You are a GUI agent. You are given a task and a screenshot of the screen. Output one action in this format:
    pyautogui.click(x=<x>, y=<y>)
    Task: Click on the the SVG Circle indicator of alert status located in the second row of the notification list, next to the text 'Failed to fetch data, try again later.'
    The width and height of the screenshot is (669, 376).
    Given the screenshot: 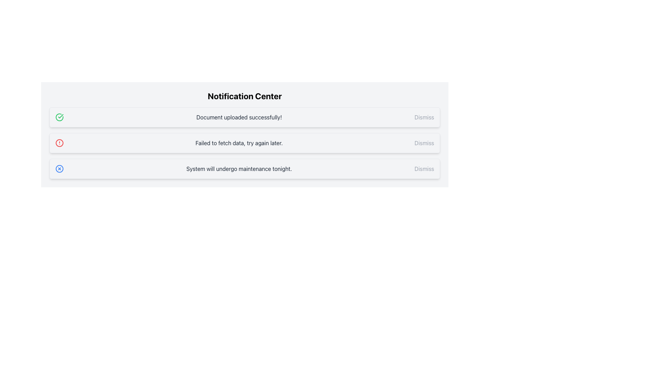 What is the action you would take?
    pyautogui.click(x=60, y=143)
    